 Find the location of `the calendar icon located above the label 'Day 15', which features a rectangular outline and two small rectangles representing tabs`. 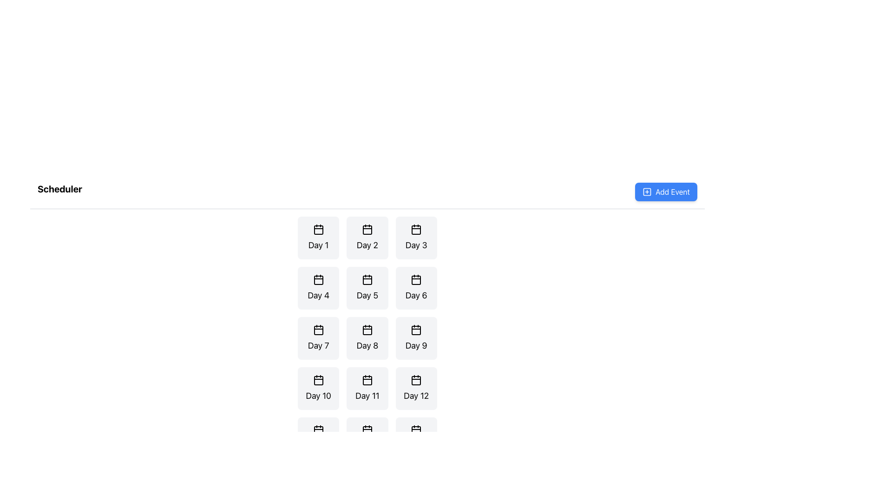

the calendar icon located above the label 'Day 15', which features a rectangular outline and two small rectangles representing tabs is located at coordinates (416, 430).